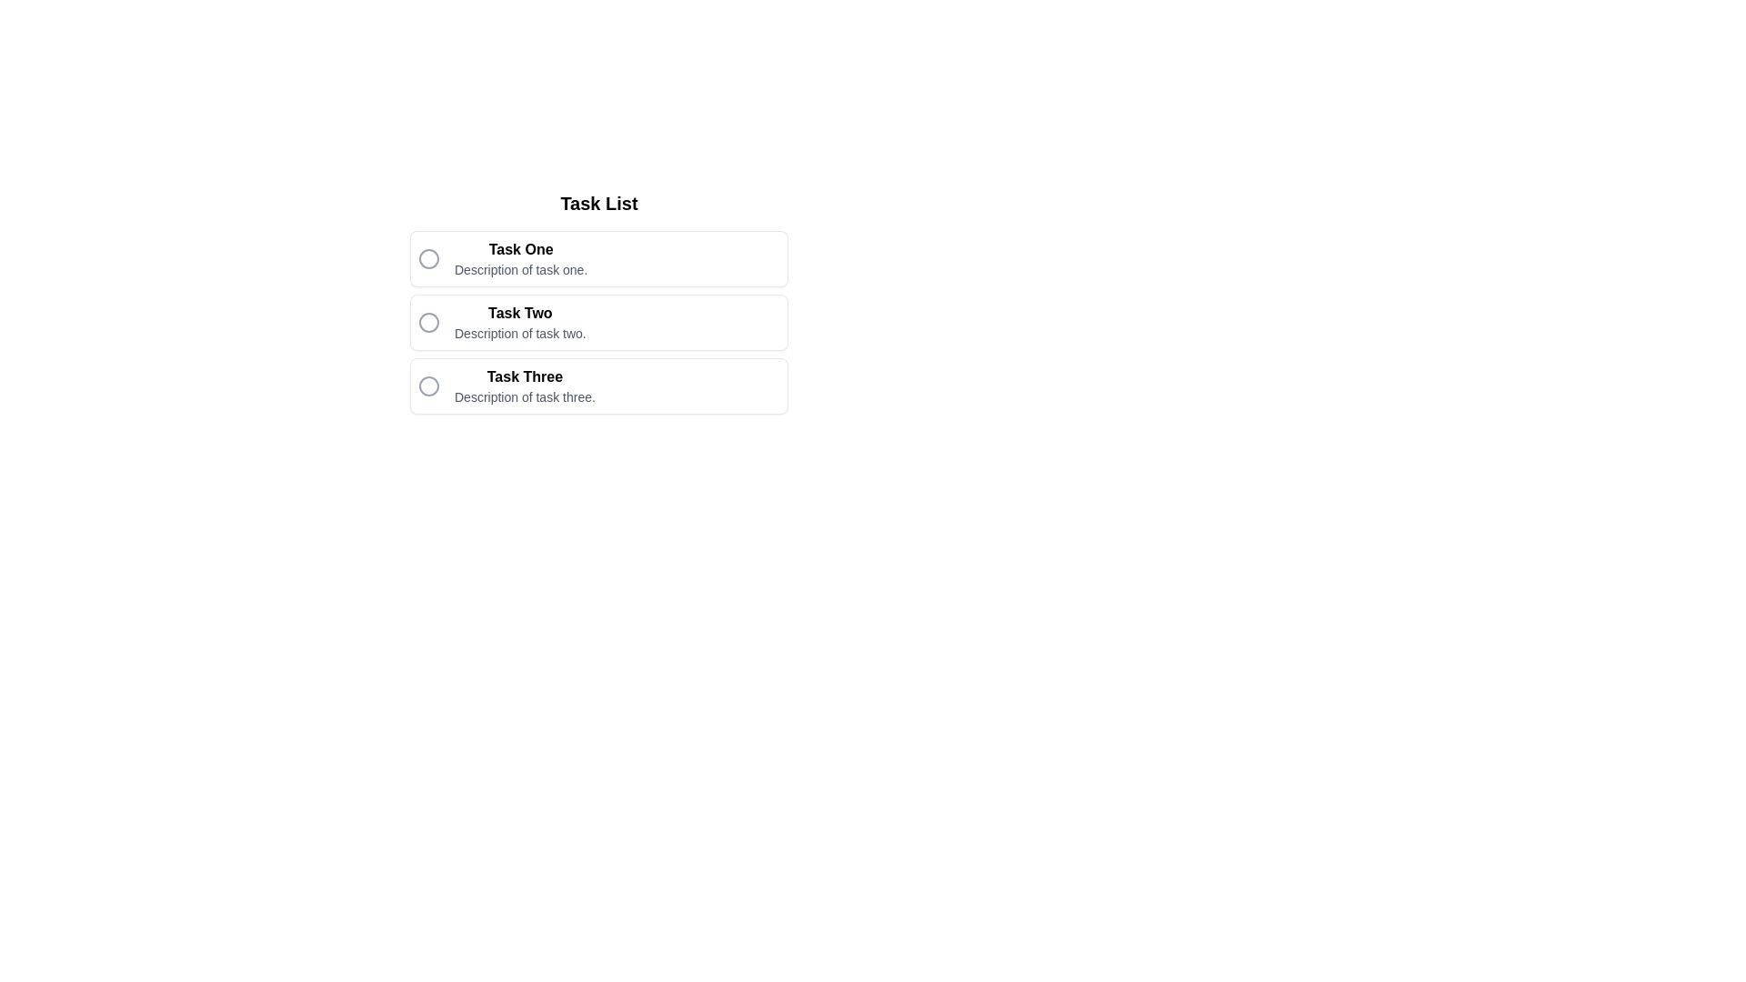  Describe the element at coordinates (427, 321) in the screenshot. I see `the circular radio button indicator located to the left of the text 'Task Two' to trigger potential hover effects` at that location.